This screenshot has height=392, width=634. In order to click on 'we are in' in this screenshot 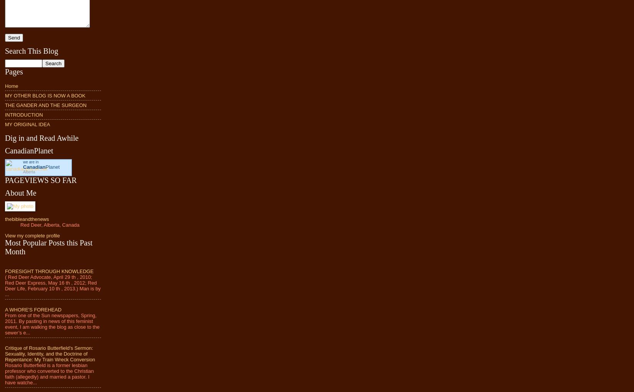, I will do `click(23, 161)`.